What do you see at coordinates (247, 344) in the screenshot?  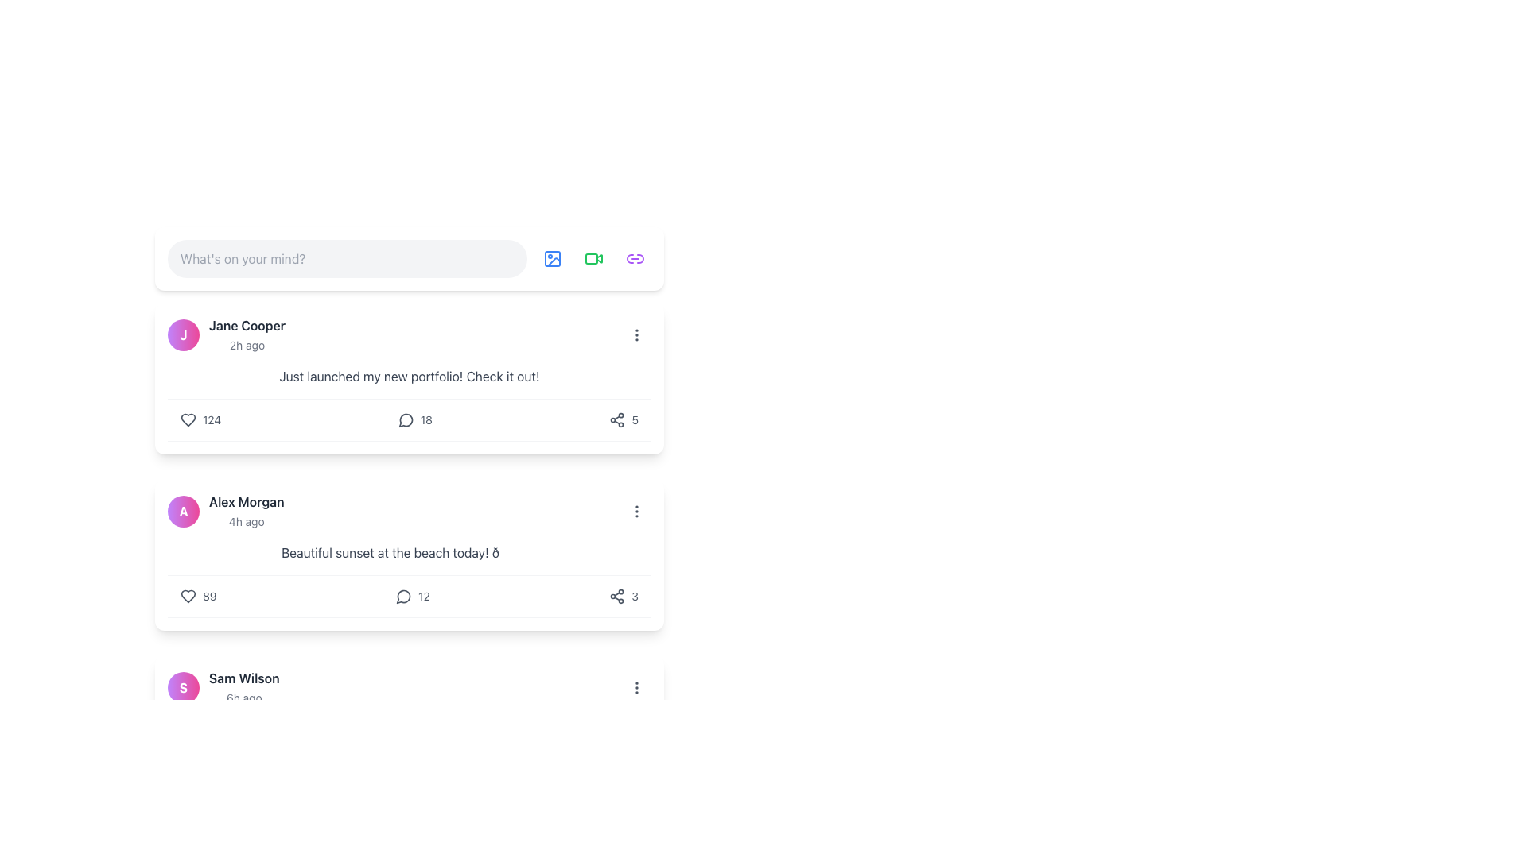 I see `time elapsed text label that displays '2h ago', which is styled in gray and positioned to the right of the name 'Jane Cooper' in a user activity post` at bounding box center [247, 344].